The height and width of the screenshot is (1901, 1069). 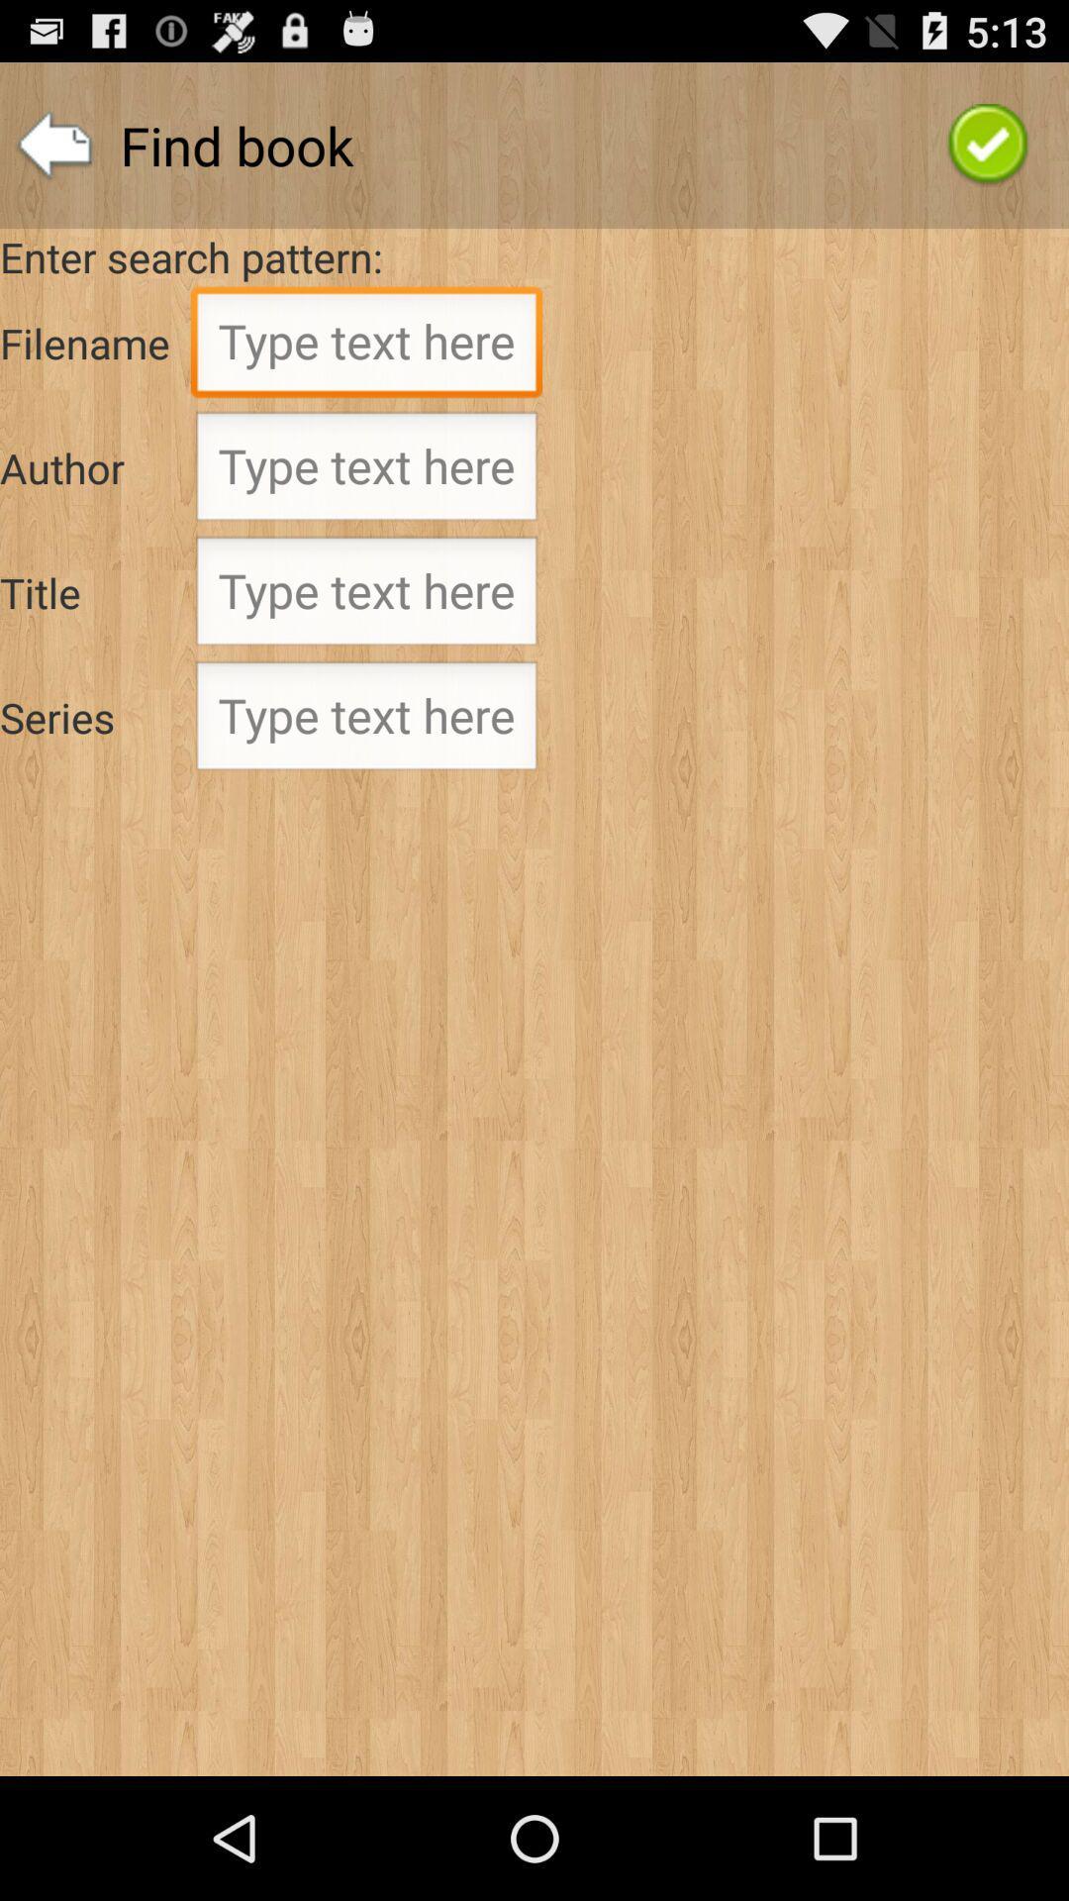 What do you see at coordinates (366, 596) in the screenshot?
I see `search title` at bounding box center [366, 596].